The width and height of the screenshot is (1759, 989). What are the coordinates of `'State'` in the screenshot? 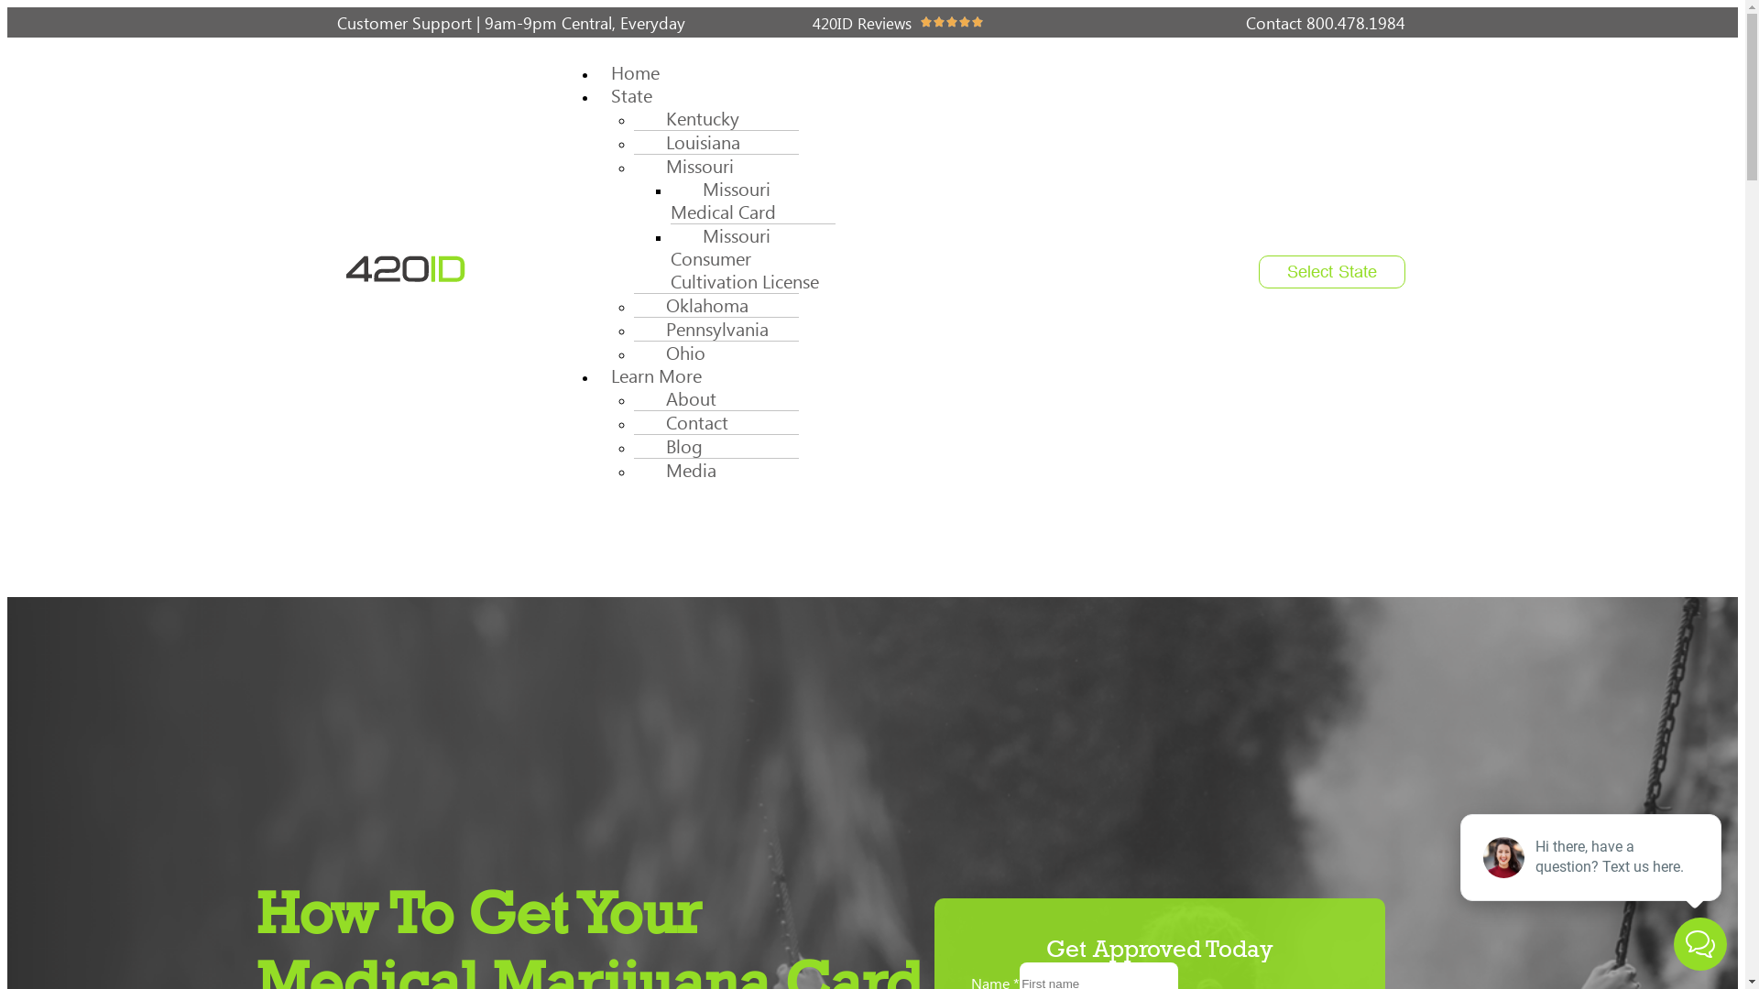 It's located at (631, 95).